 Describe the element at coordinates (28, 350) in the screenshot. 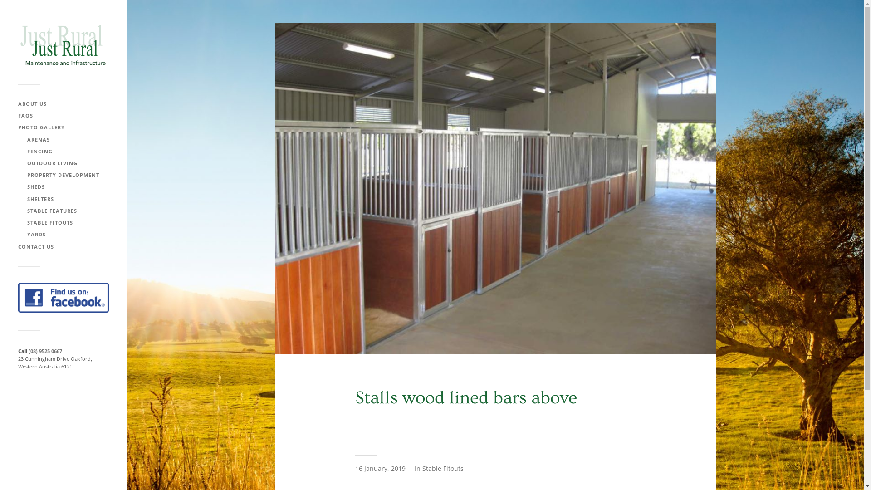

I see `'(08) 9525 0667'` at that location.